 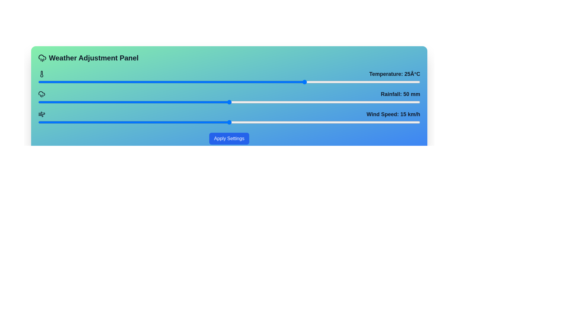 What do you see at coordinates (229, 82) in the screenshot?
I see `the horizontal slider component for keyboard accessibility` at bounding box center [229, 82].